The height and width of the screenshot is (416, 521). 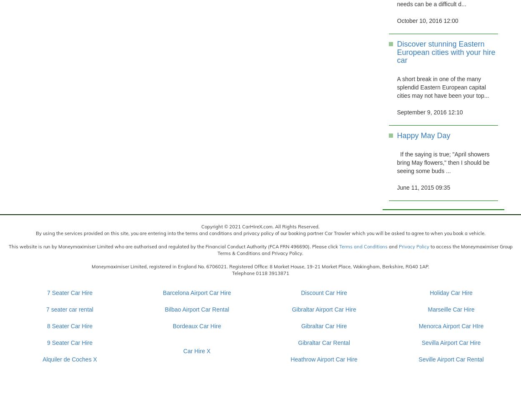 I want to click on 'Seville Airport Car Rental', so click(x=451, y=359).